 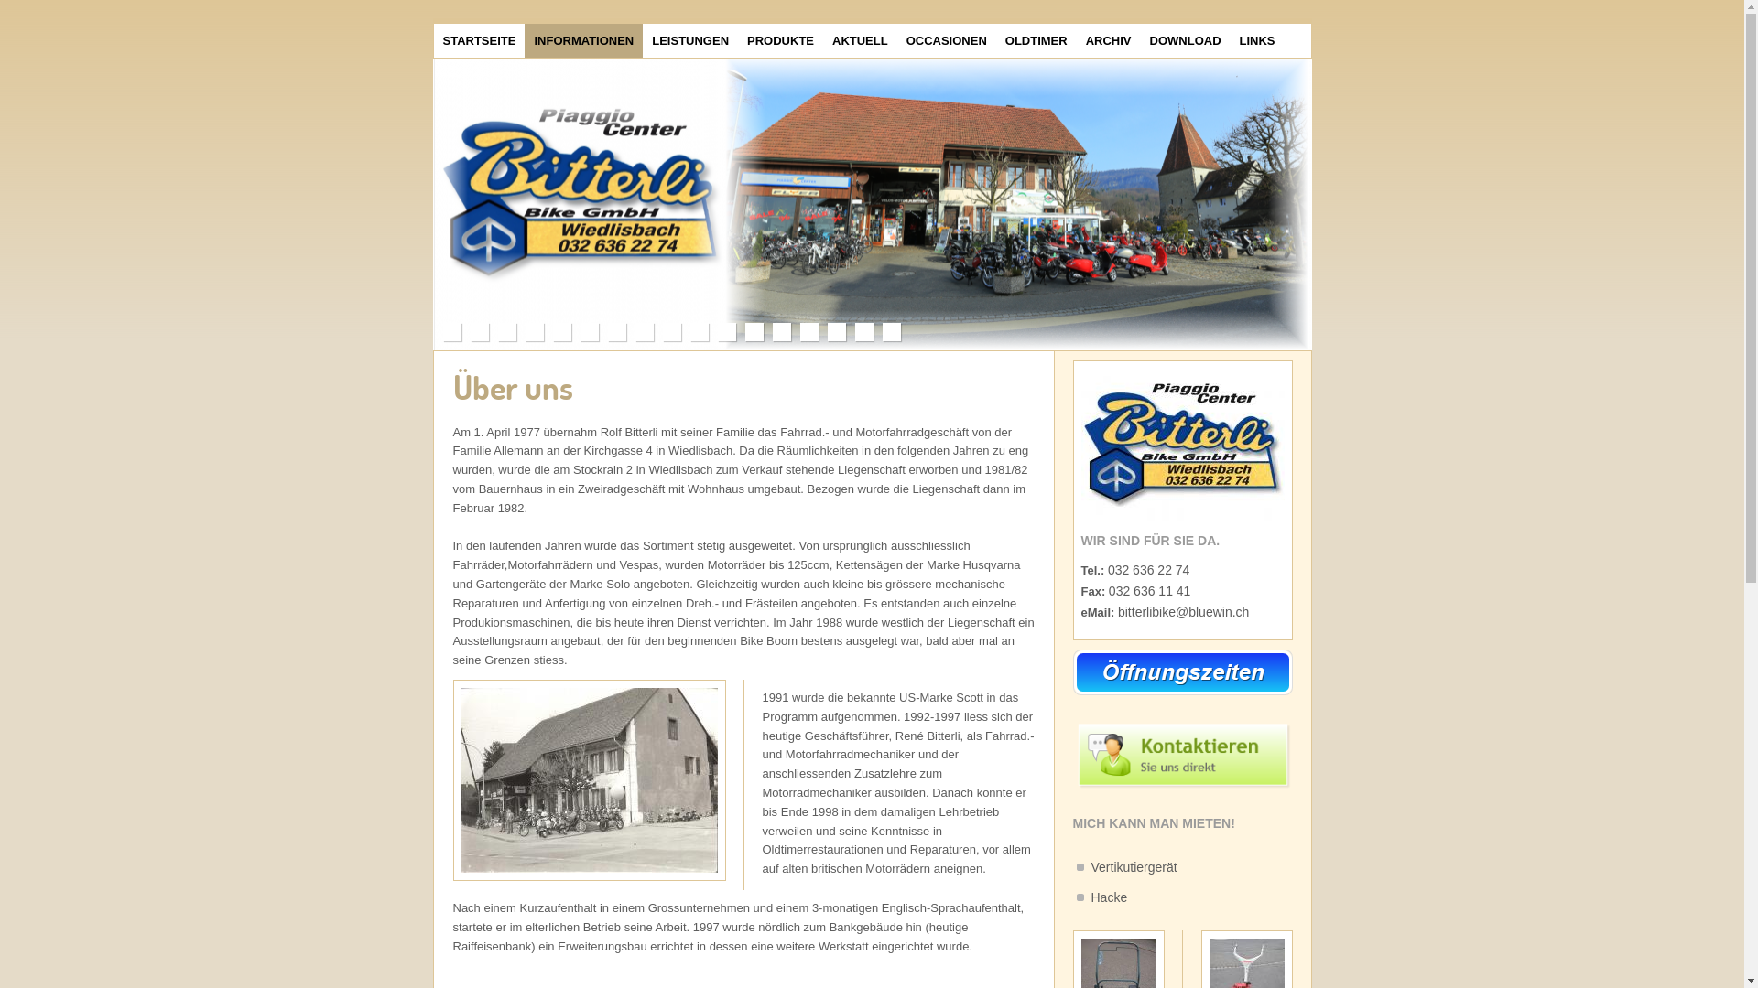 I want to click on 'ARCHIV', so click(x=1107, y=40).